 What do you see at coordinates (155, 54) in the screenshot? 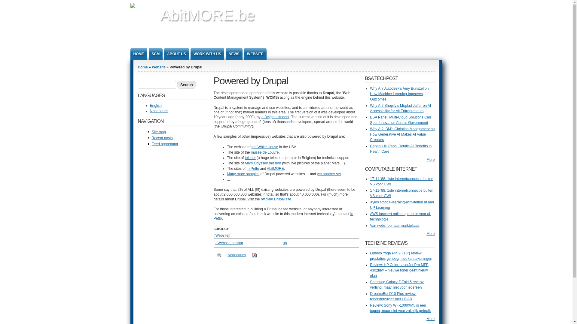
I see `'SCM'` at bounding box center [155, 54].